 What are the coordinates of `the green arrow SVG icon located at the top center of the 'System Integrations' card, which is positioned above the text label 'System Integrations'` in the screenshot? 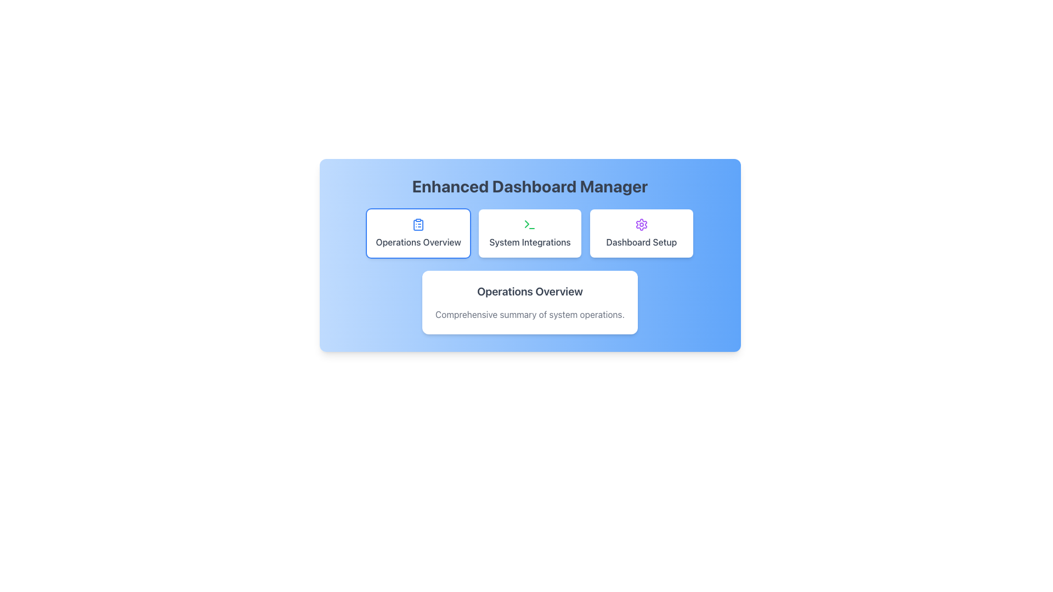 It's located at (530, 224).